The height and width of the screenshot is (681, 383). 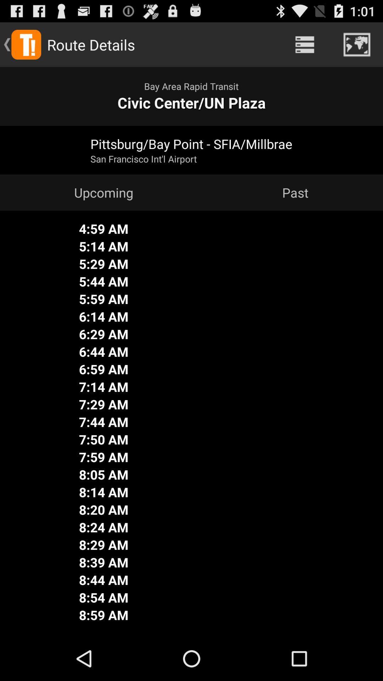 What do you see at coordinates (357, 44) in the screenshot?
I see `item above civic center un item` at bounding box center [357, 44].